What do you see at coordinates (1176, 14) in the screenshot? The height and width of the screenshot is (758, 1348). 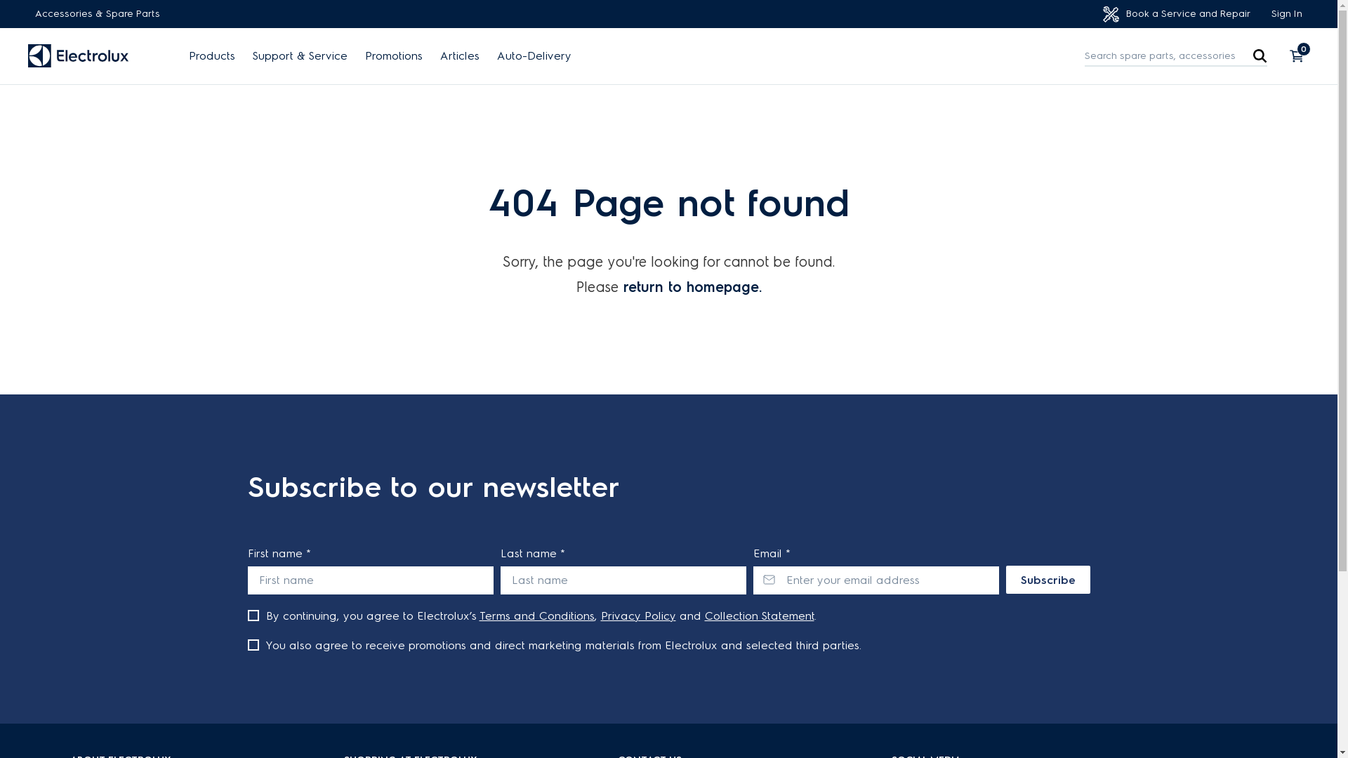 I see `'Book a Service and Repair'` at bounding box center [1176, 14].